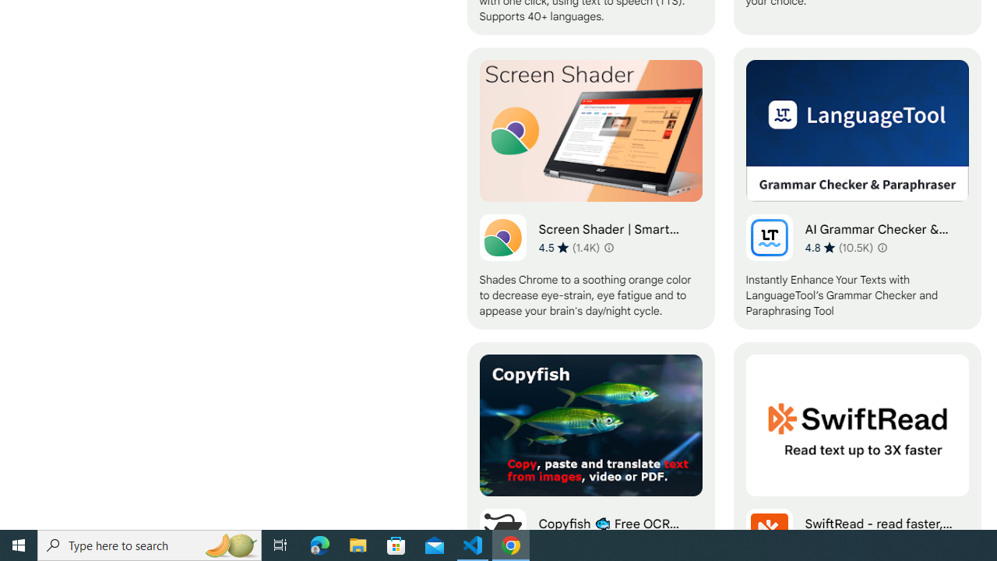 This screenshot has height=561, width=997. Describe the element at coordinates (568, 246) in the screenshot. I see `'Average rating 4.5 out of 5 stars. 1.4K ratings.'` at that location.